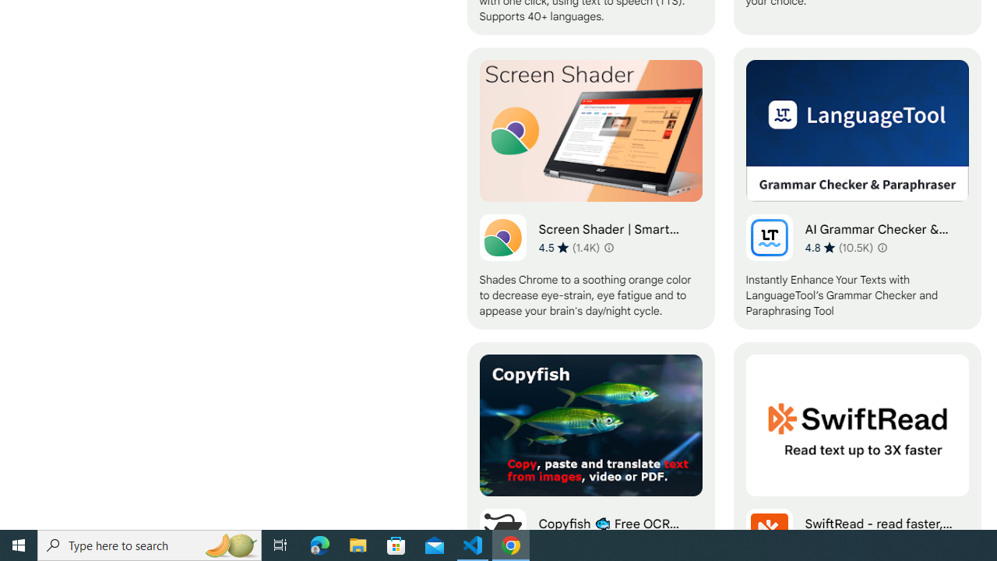 This screenshot has height=561, width=997. Describe the element at coordinates (568, 246) in the screenshot. I see `'Average rating 4.5 out of 5 stars. 1.4K ratings.'` at that location.